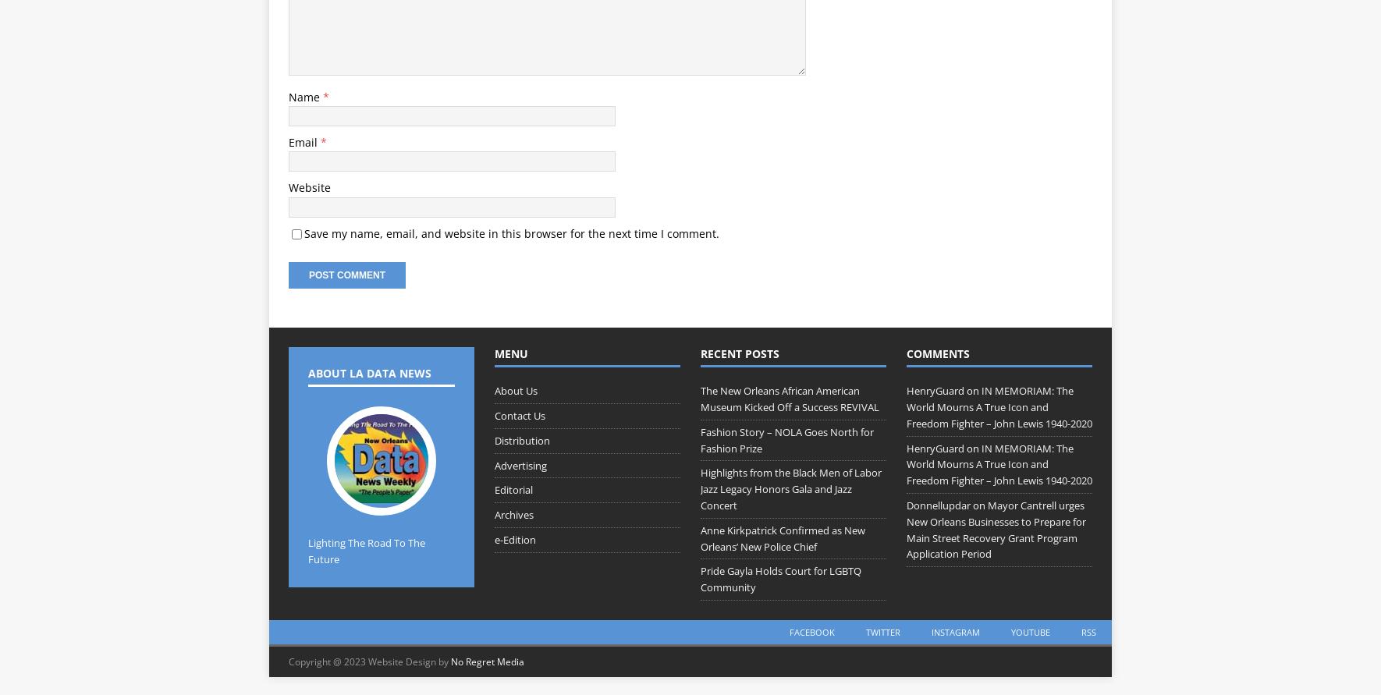 This screenshot has width=1381, height=695. Describe the element at coordinates (779, 579) in the screenshot. I see `'Pride Gayla Holds Court for LGBTQ Community'` at that location.